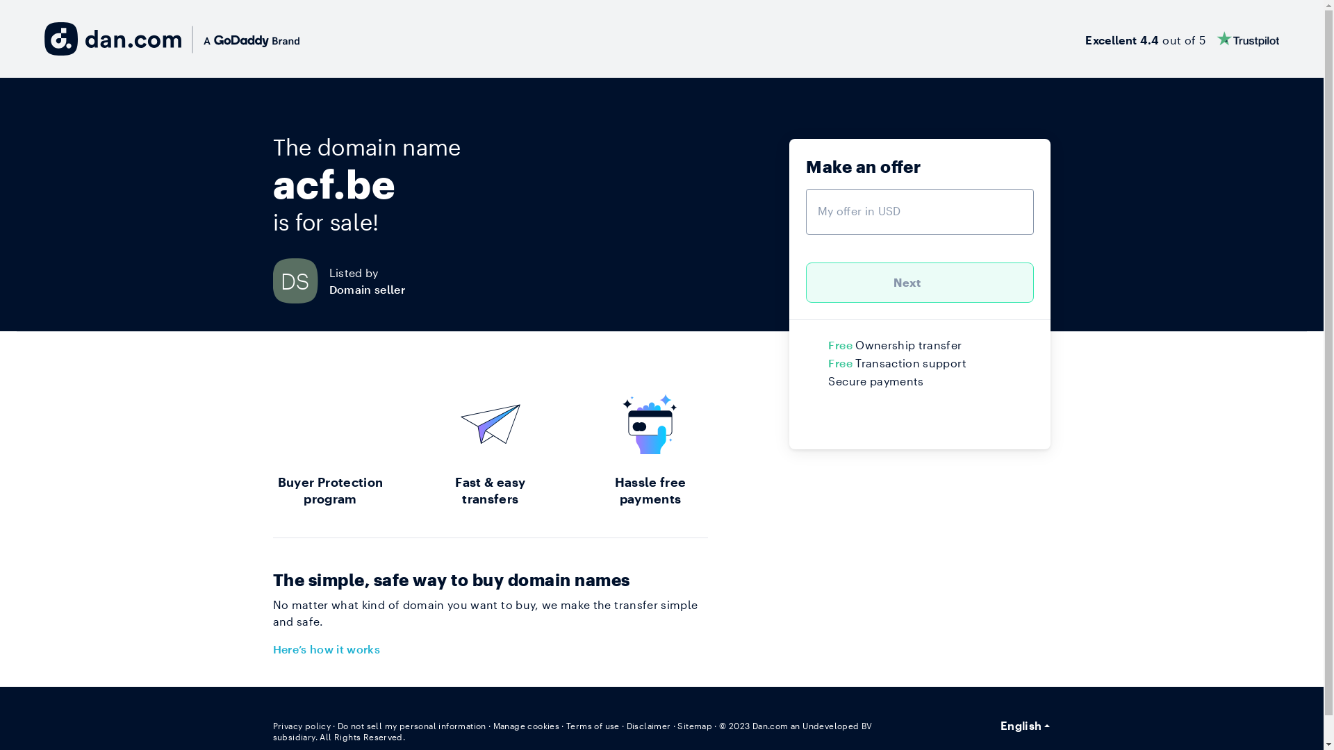 Image resolution: width=1334 pixels, height=750 pixels. Describe the element at coordinates (526, 725) in the screenshot. I see `'Manage cookies'` at that location.